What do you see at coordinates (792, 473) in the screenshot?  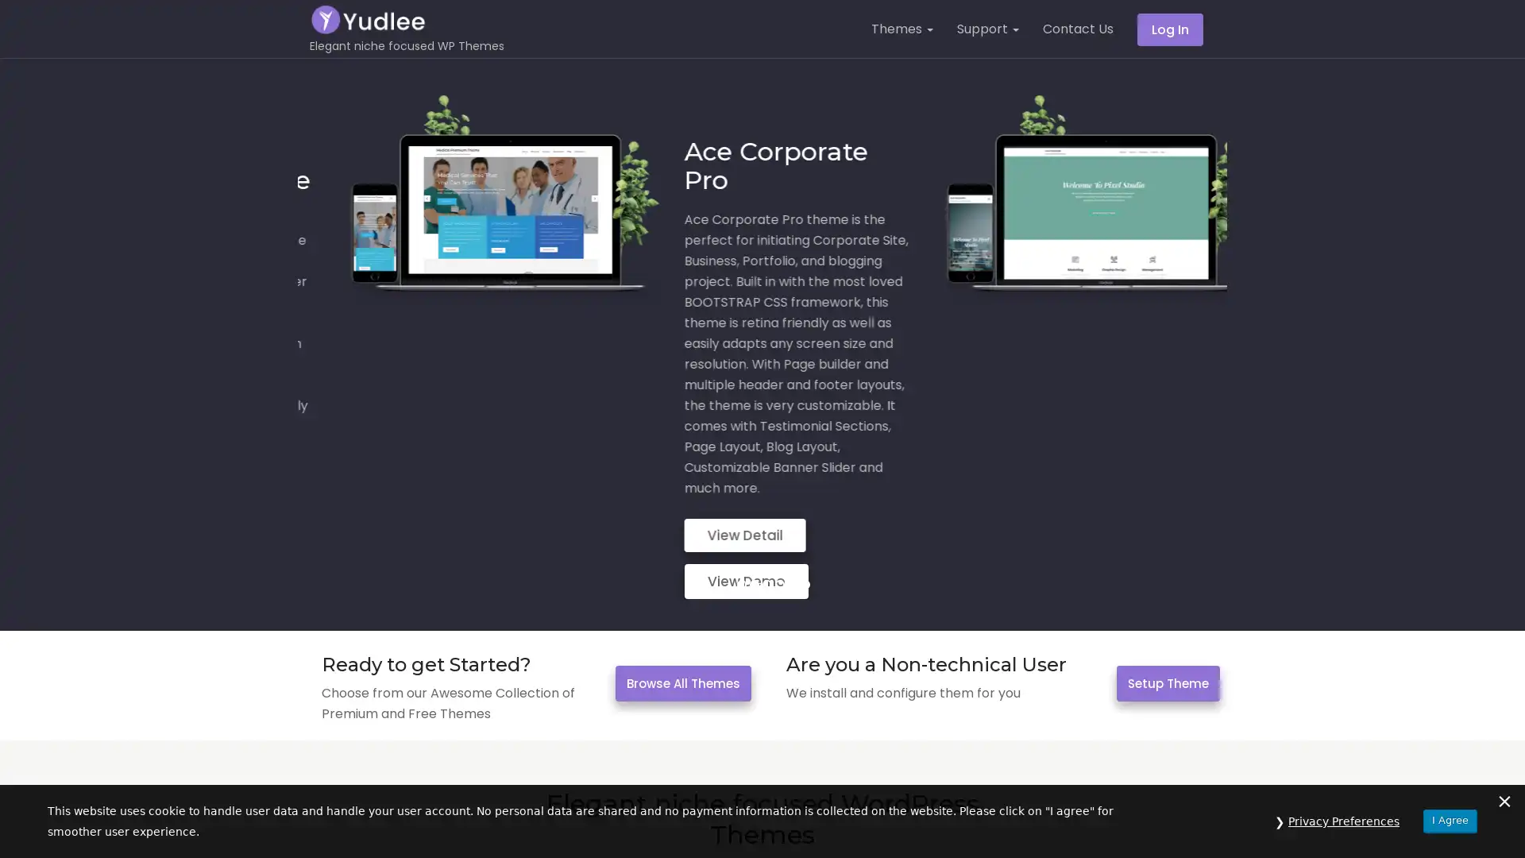 I see `5` at bounding box center [792, 473].